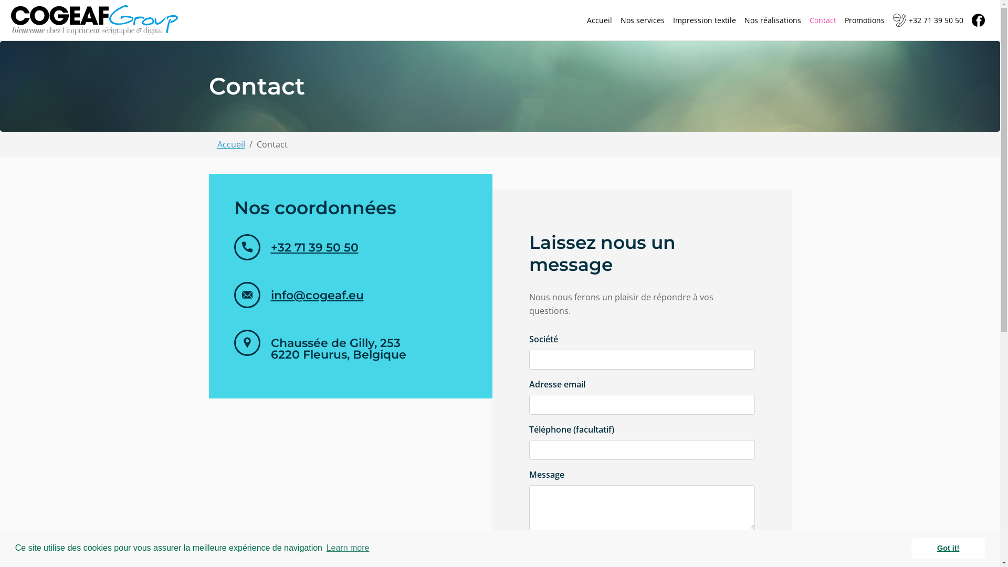 Image resolution: width=1008 pixels, height=567 pixels. I want to click on 'Accueil', so click(600, 20).